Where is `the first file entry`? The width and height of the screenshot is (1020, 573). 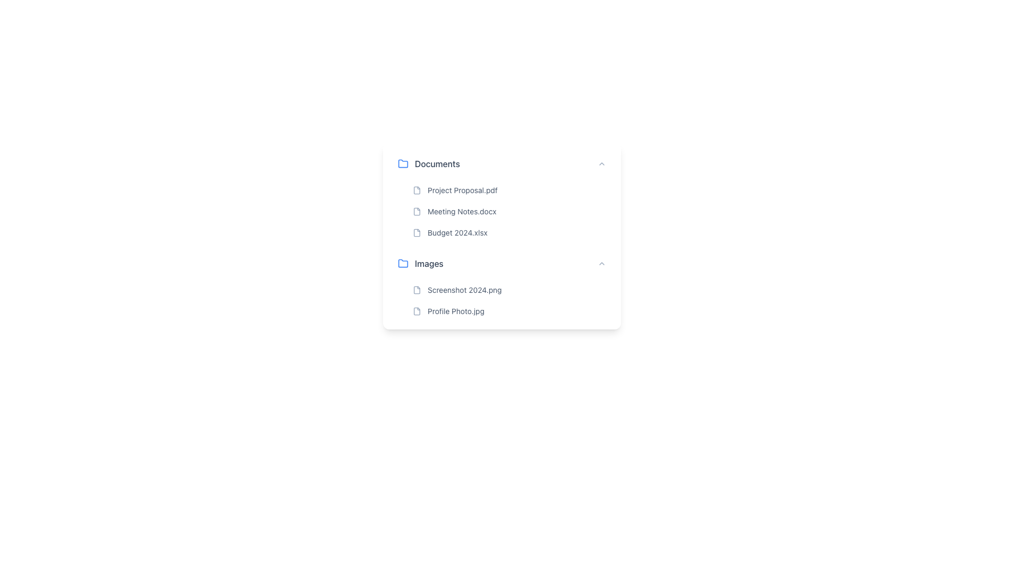 the first file entry is located at coordinates (510, 189).